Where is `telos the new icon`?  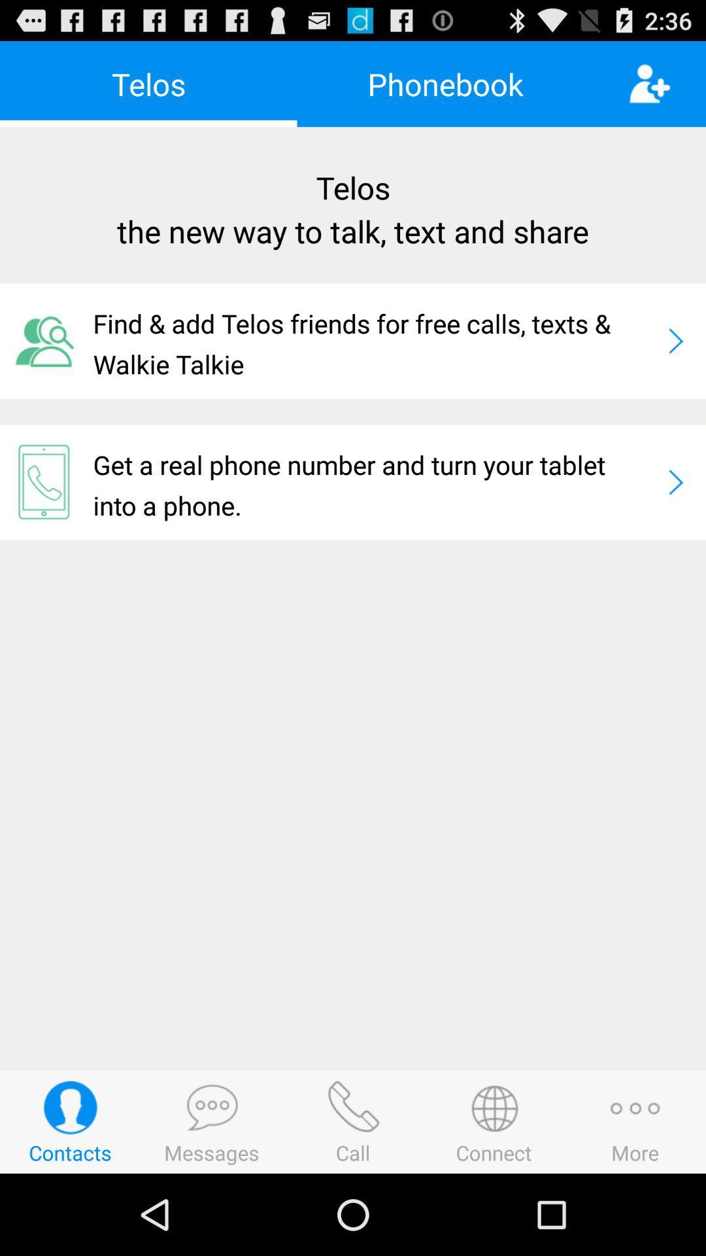 telos the new icon is located at coordinates (353, 209).